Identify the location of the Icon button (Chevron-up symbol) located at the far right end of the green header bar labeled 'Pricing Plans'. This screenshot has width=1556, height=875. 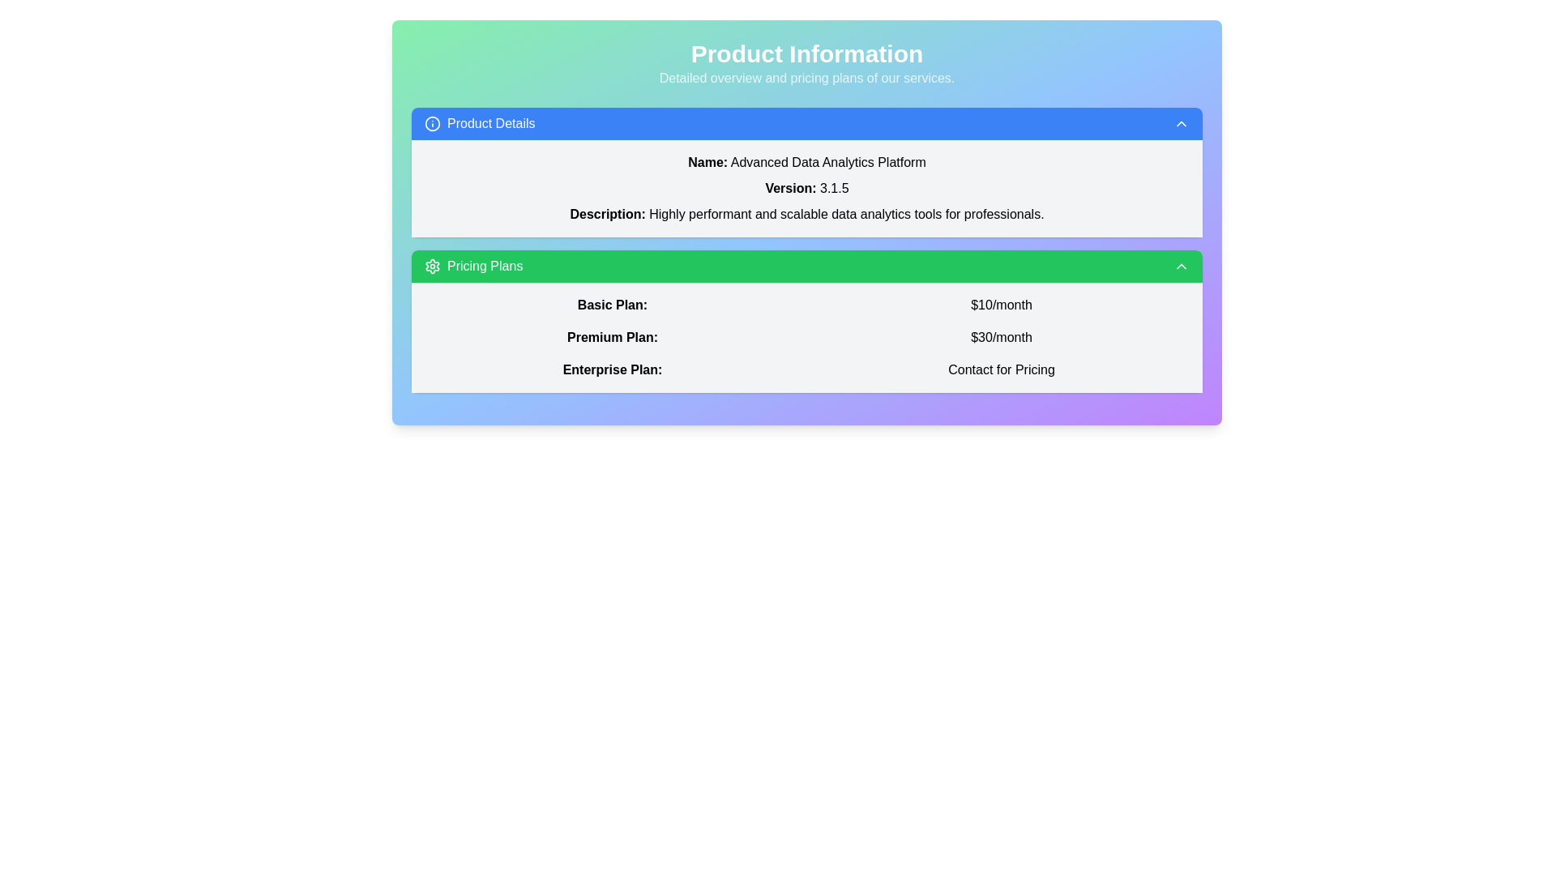
(1182, 265).